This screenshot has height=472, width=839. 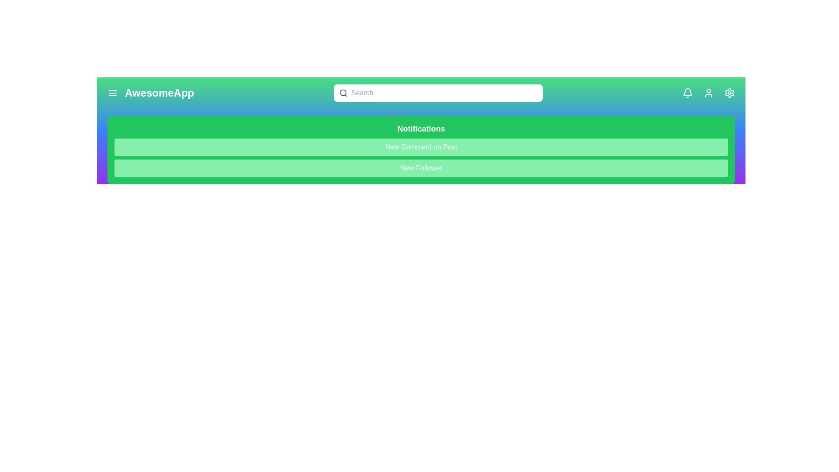 What do you see at coordinates (421, 128) in the screenshot?
I see `the heading text indicating the notifications section, positioned at the top of the green notification area` at bounding box center [421, 128].